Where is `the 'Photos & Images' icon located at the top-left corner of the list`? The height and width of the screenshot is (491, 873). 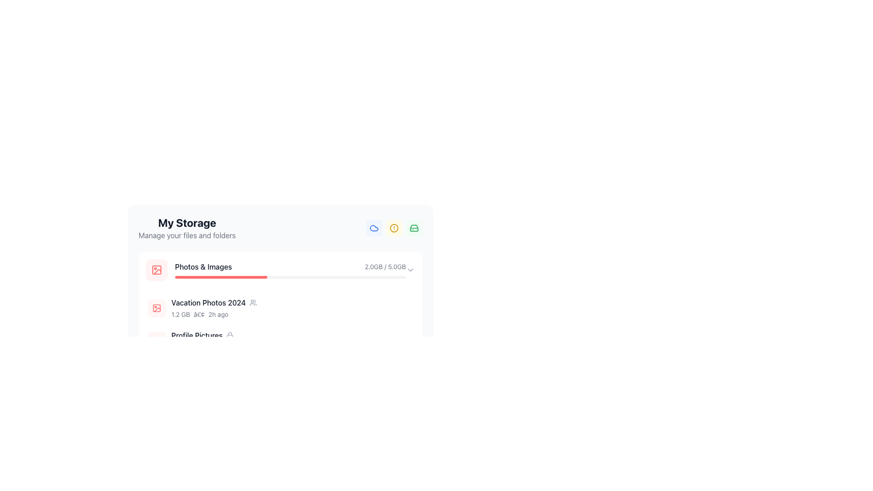
the 'Photos & Images' icon located at the top-left corner of the list is located at coordinates (157, 270).